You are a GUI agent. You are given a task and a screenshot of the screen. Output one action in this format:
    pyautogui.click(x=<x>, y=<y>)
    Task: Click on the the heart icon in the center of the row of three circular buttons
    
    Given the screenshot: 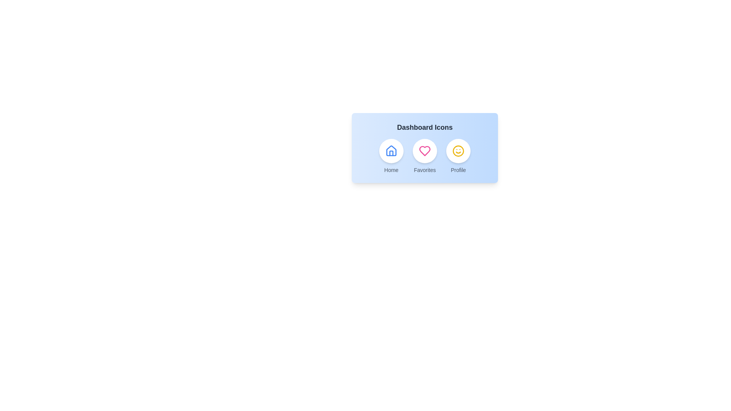 What is the action you would take?
    pyautogui.click(x=425, y=151)
    